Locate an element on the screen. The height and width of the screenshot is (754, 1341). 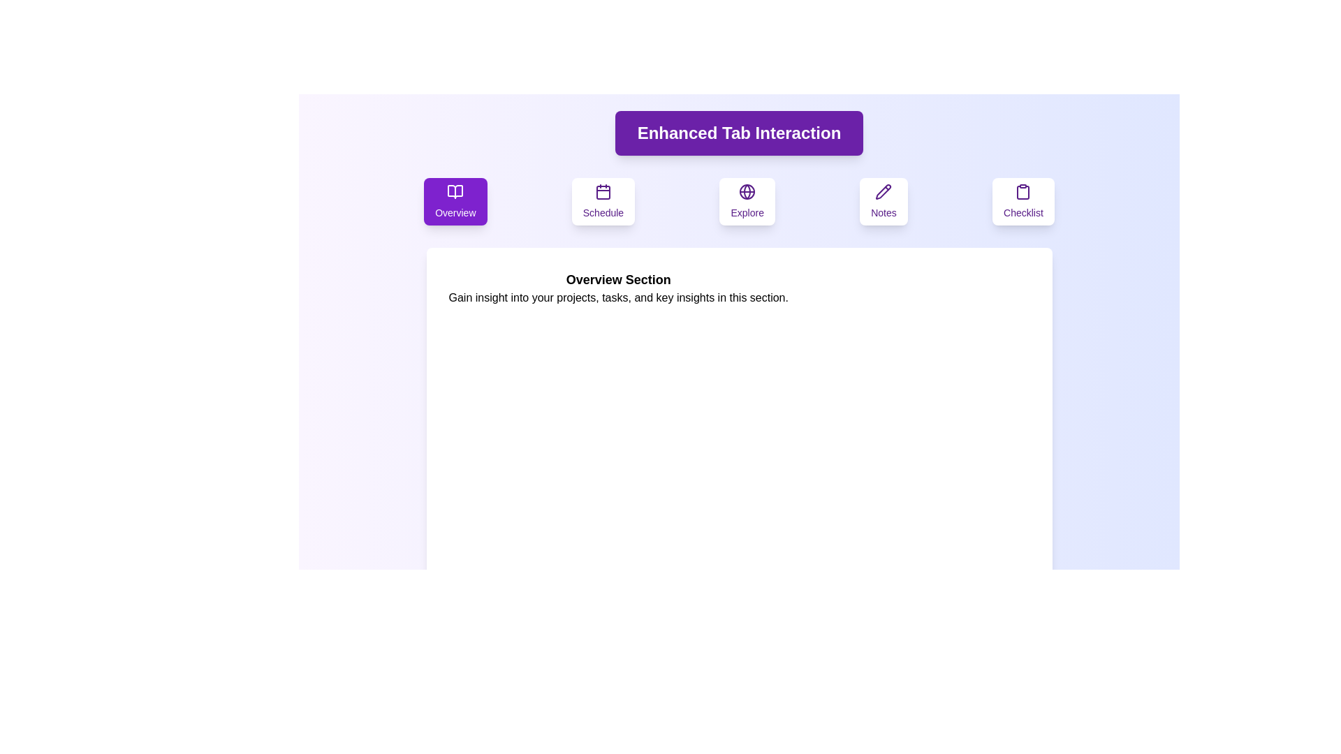
the static text button labeled 'Enhanced Tab Interaction' with a deep purple background and white text, which serves as the primary title for this section is located at coordinates (738, 133).